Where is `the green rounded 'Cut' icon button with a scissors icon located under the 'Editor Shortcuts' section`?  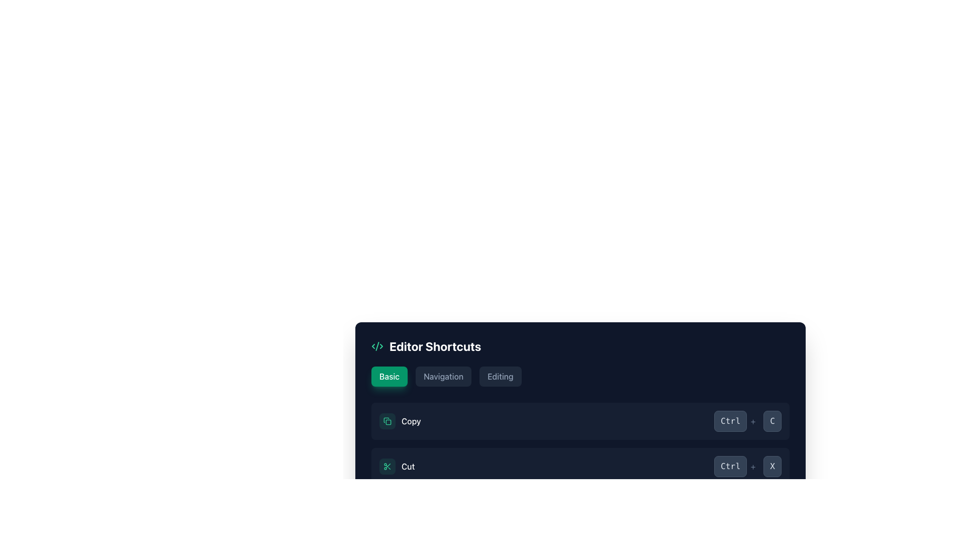 the green rounded 'Cut' icon button with a scissors icon located under the 'Editor Shortcuts' section is located at coordinates (387, 467).